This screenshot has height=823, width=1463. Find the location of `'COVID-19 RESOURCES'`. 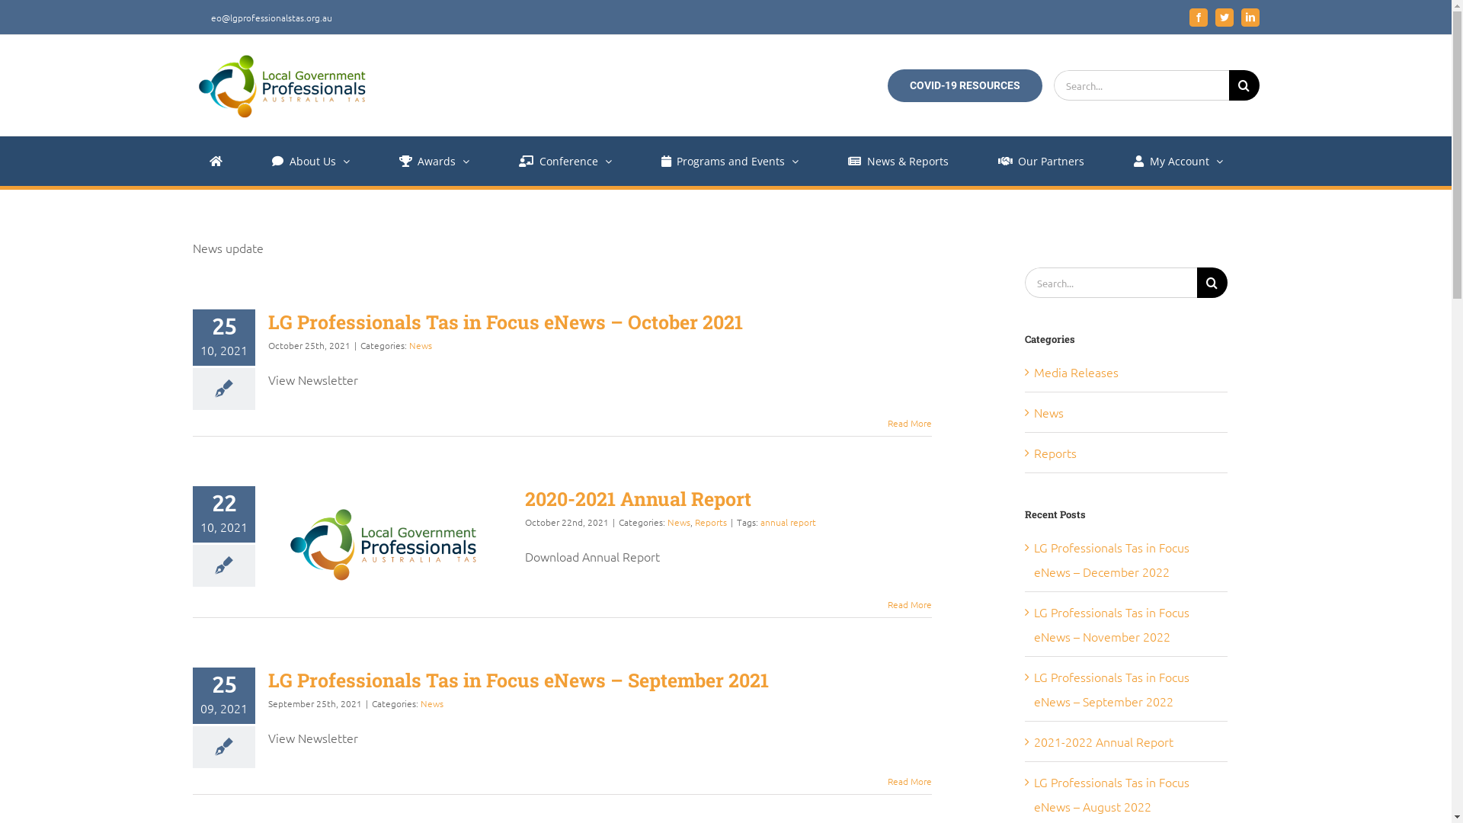

'COVID-19 RESOURCES' is located at coordinates (963, 85).